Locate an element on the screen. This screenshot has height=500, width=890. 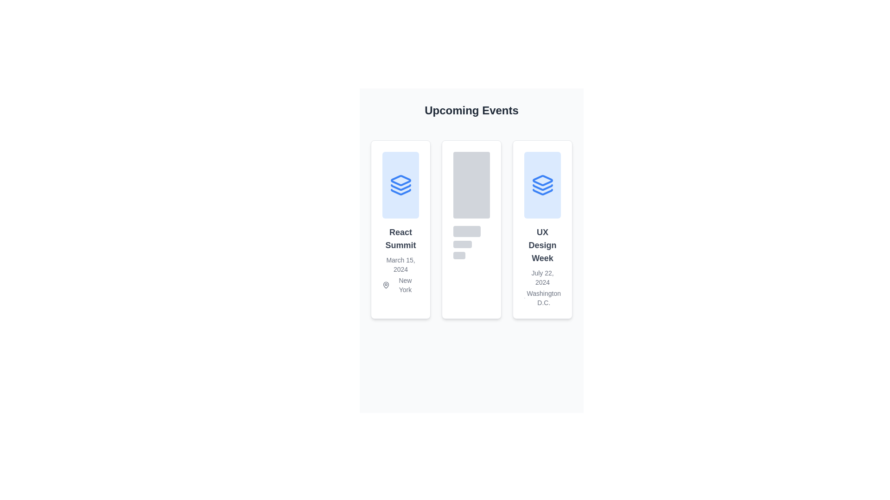
text displayed in bold gray font that says 'UX Design Week', which is the title of the third event card from the left is located at coordinates (542, 244).